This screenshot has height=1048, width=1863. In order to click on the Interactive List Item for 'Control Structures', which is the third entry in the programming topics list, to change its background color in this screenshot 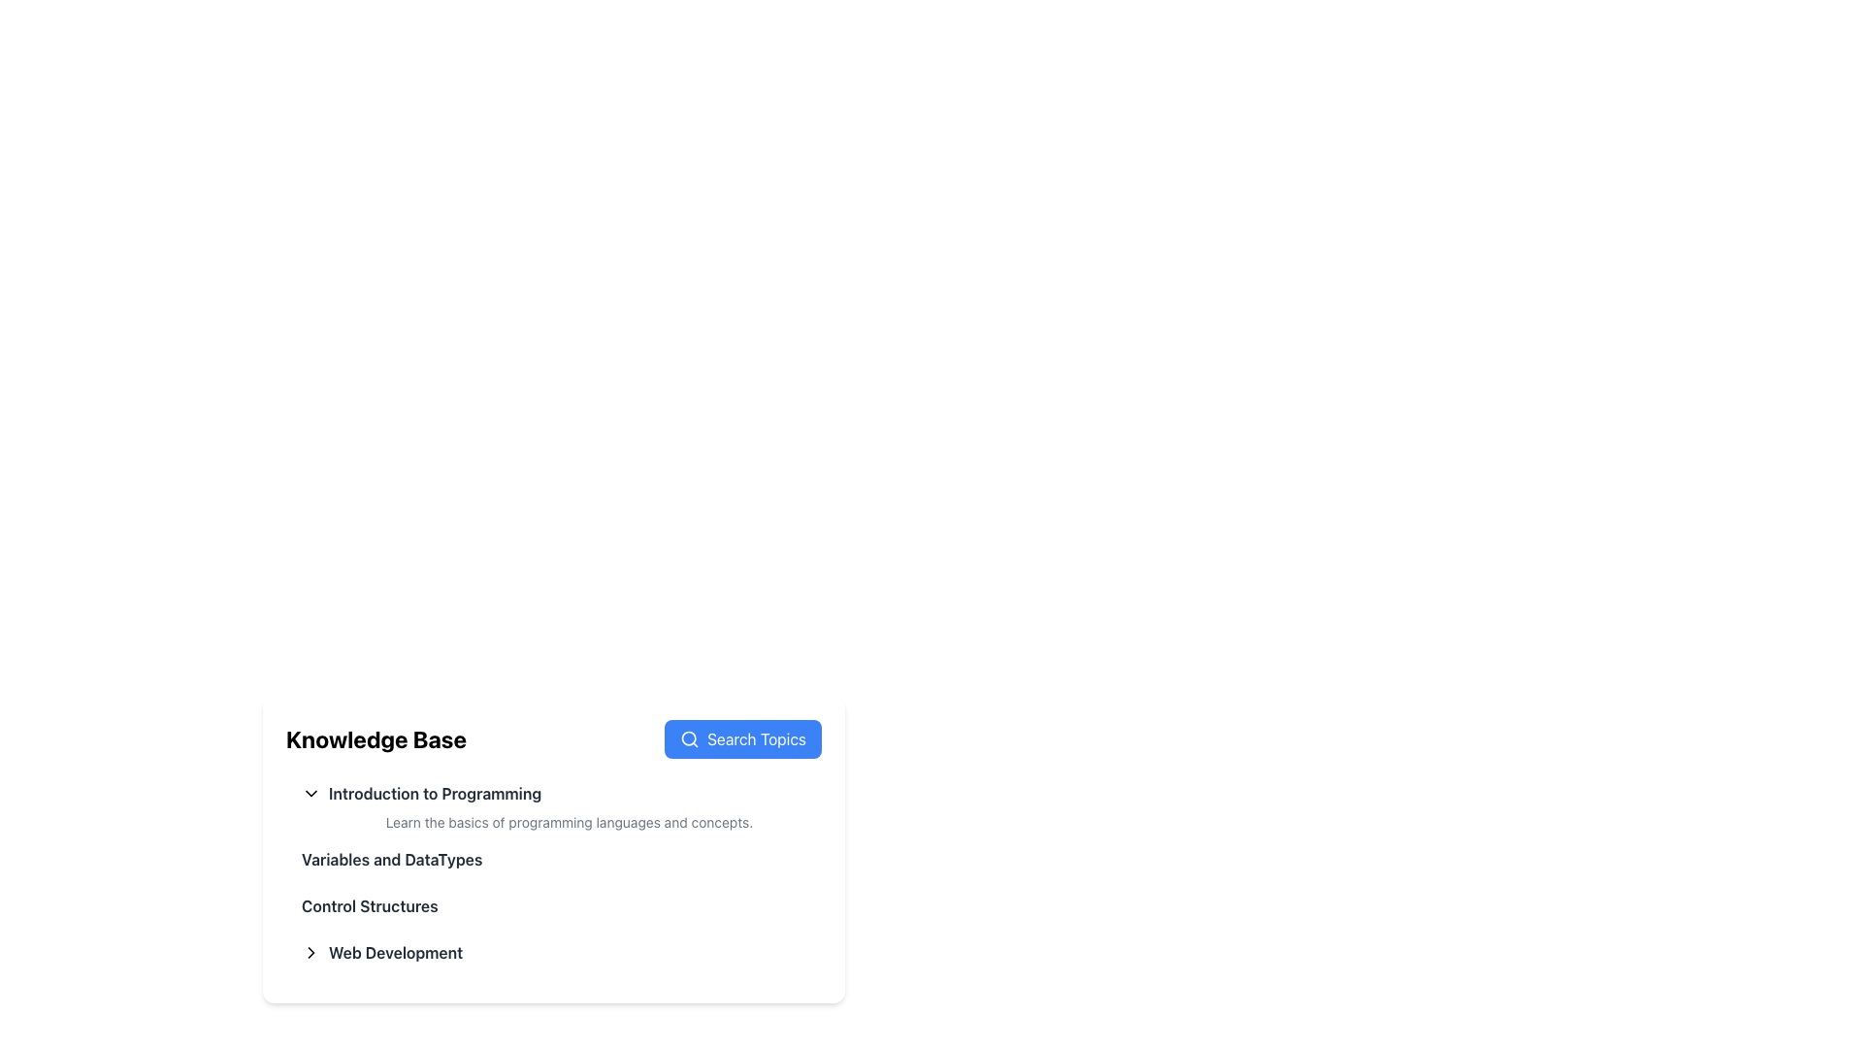, I will do `click(553, 905)`.